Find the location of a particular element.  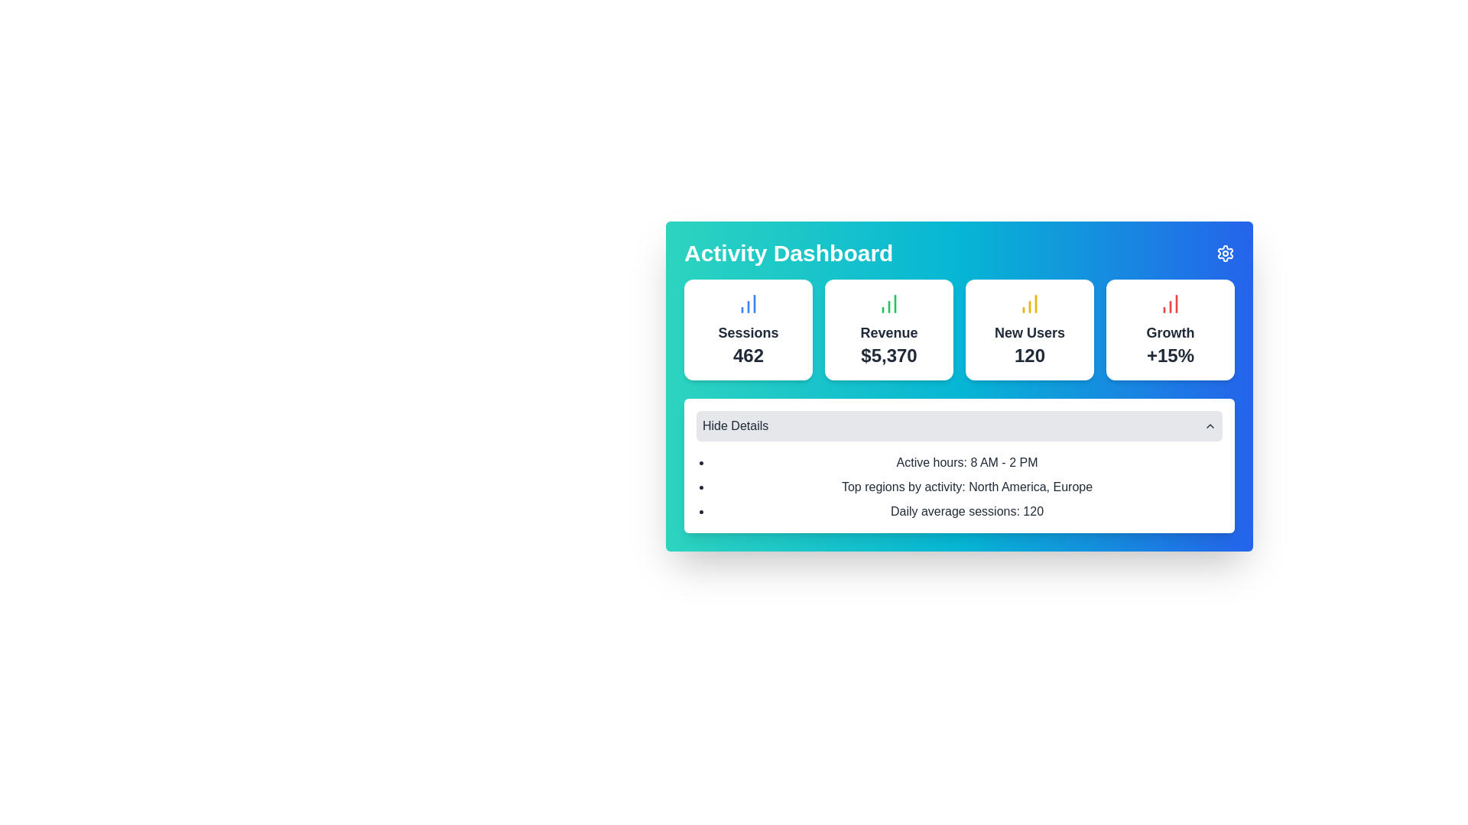

the 'Sessions' label, which is styled in bold and larger font, positioned near the top center of a statistical card, above the numerical value '462' is located at coordinates (749, 332).